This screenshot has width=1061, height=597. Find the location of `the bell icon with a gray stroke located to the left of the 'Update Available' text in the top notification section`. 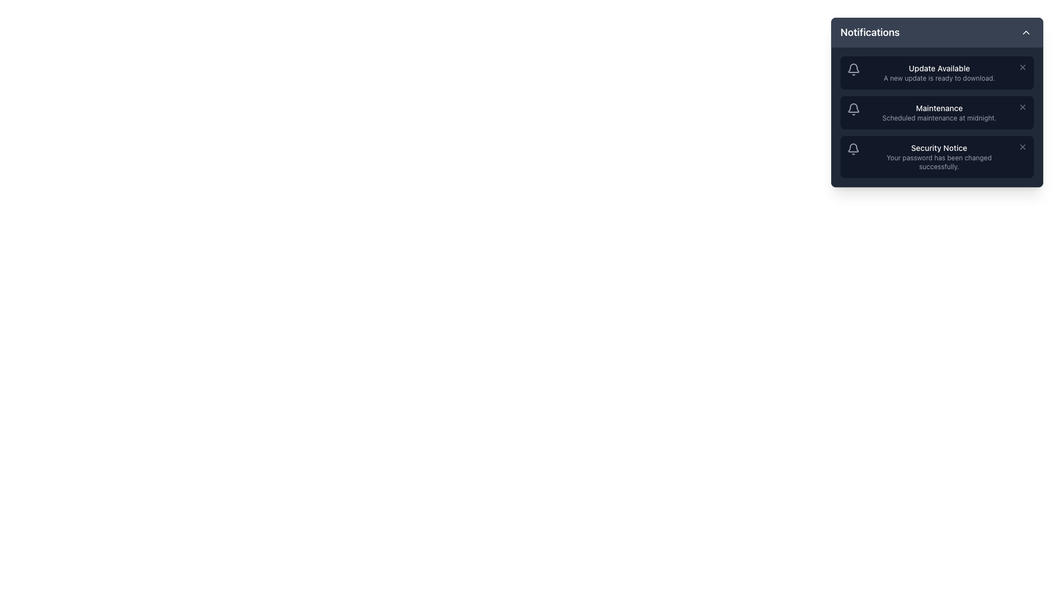

the bell icon with a gray stroke located to the left of the 'Update Available' text in the top notification section is located at coordinates (853, 70).